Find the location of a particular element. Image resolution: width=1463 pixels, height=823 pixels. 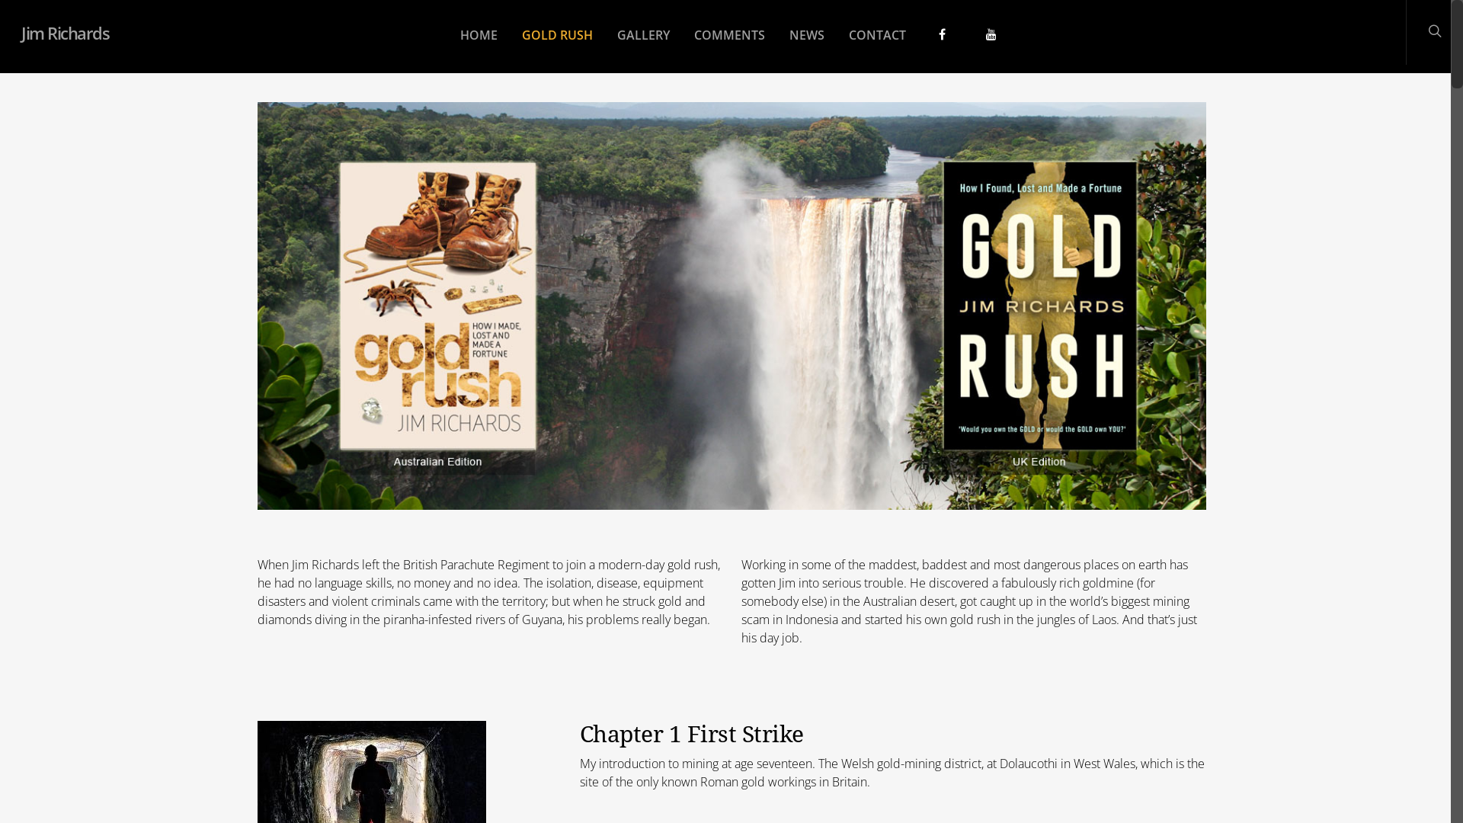

'COMMENTS' is located at coordinates (683, 45).